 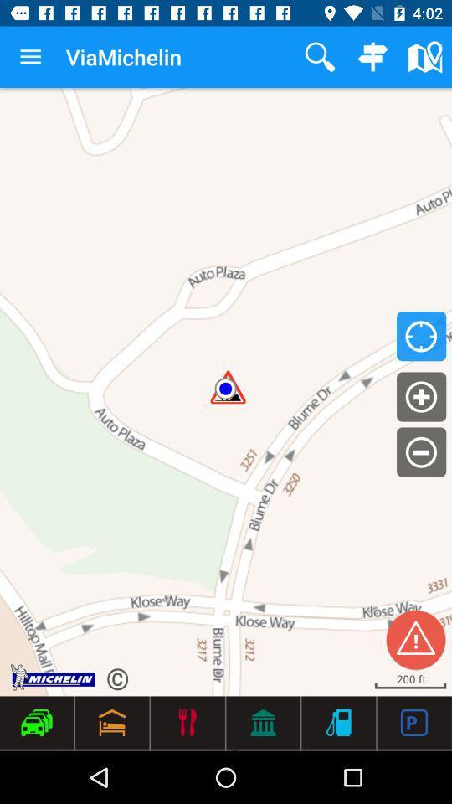 What do you see at coordinates (420, 396) in the screenshot?
I see `the add icon` at bounding box center [420, 396].